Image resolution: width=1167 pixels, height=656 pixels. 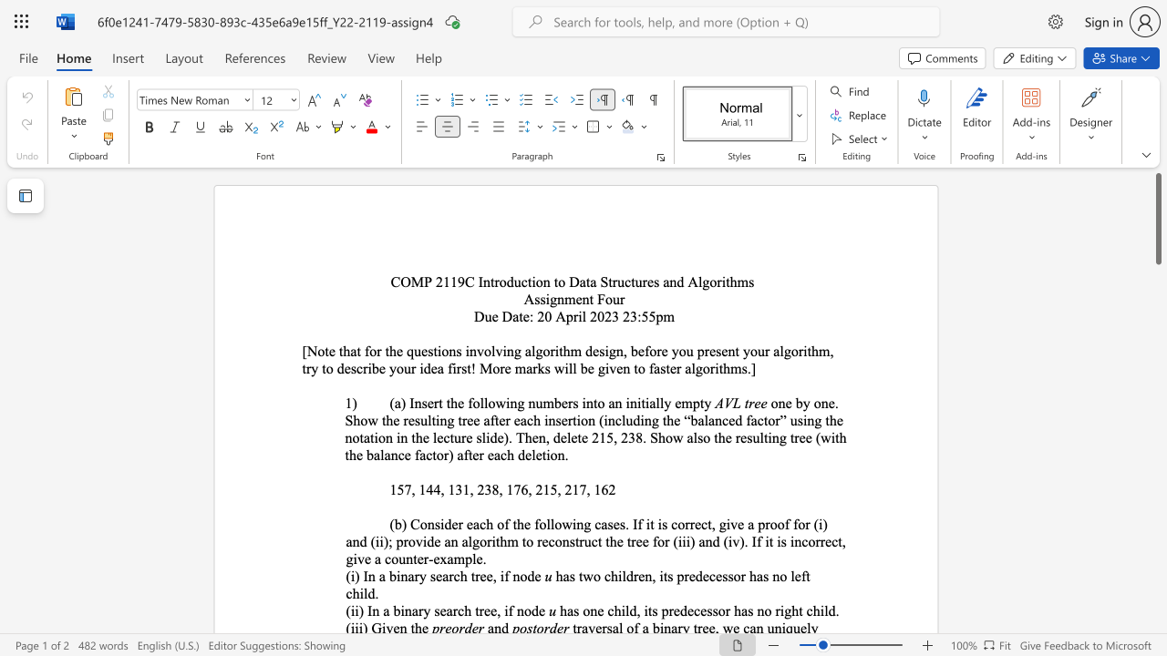 What do you see at coordinates (597, 298) in the screenshot?
I see `the subset text "Fo" within the text "Assignment Four"` at bounding box center [597, 298].